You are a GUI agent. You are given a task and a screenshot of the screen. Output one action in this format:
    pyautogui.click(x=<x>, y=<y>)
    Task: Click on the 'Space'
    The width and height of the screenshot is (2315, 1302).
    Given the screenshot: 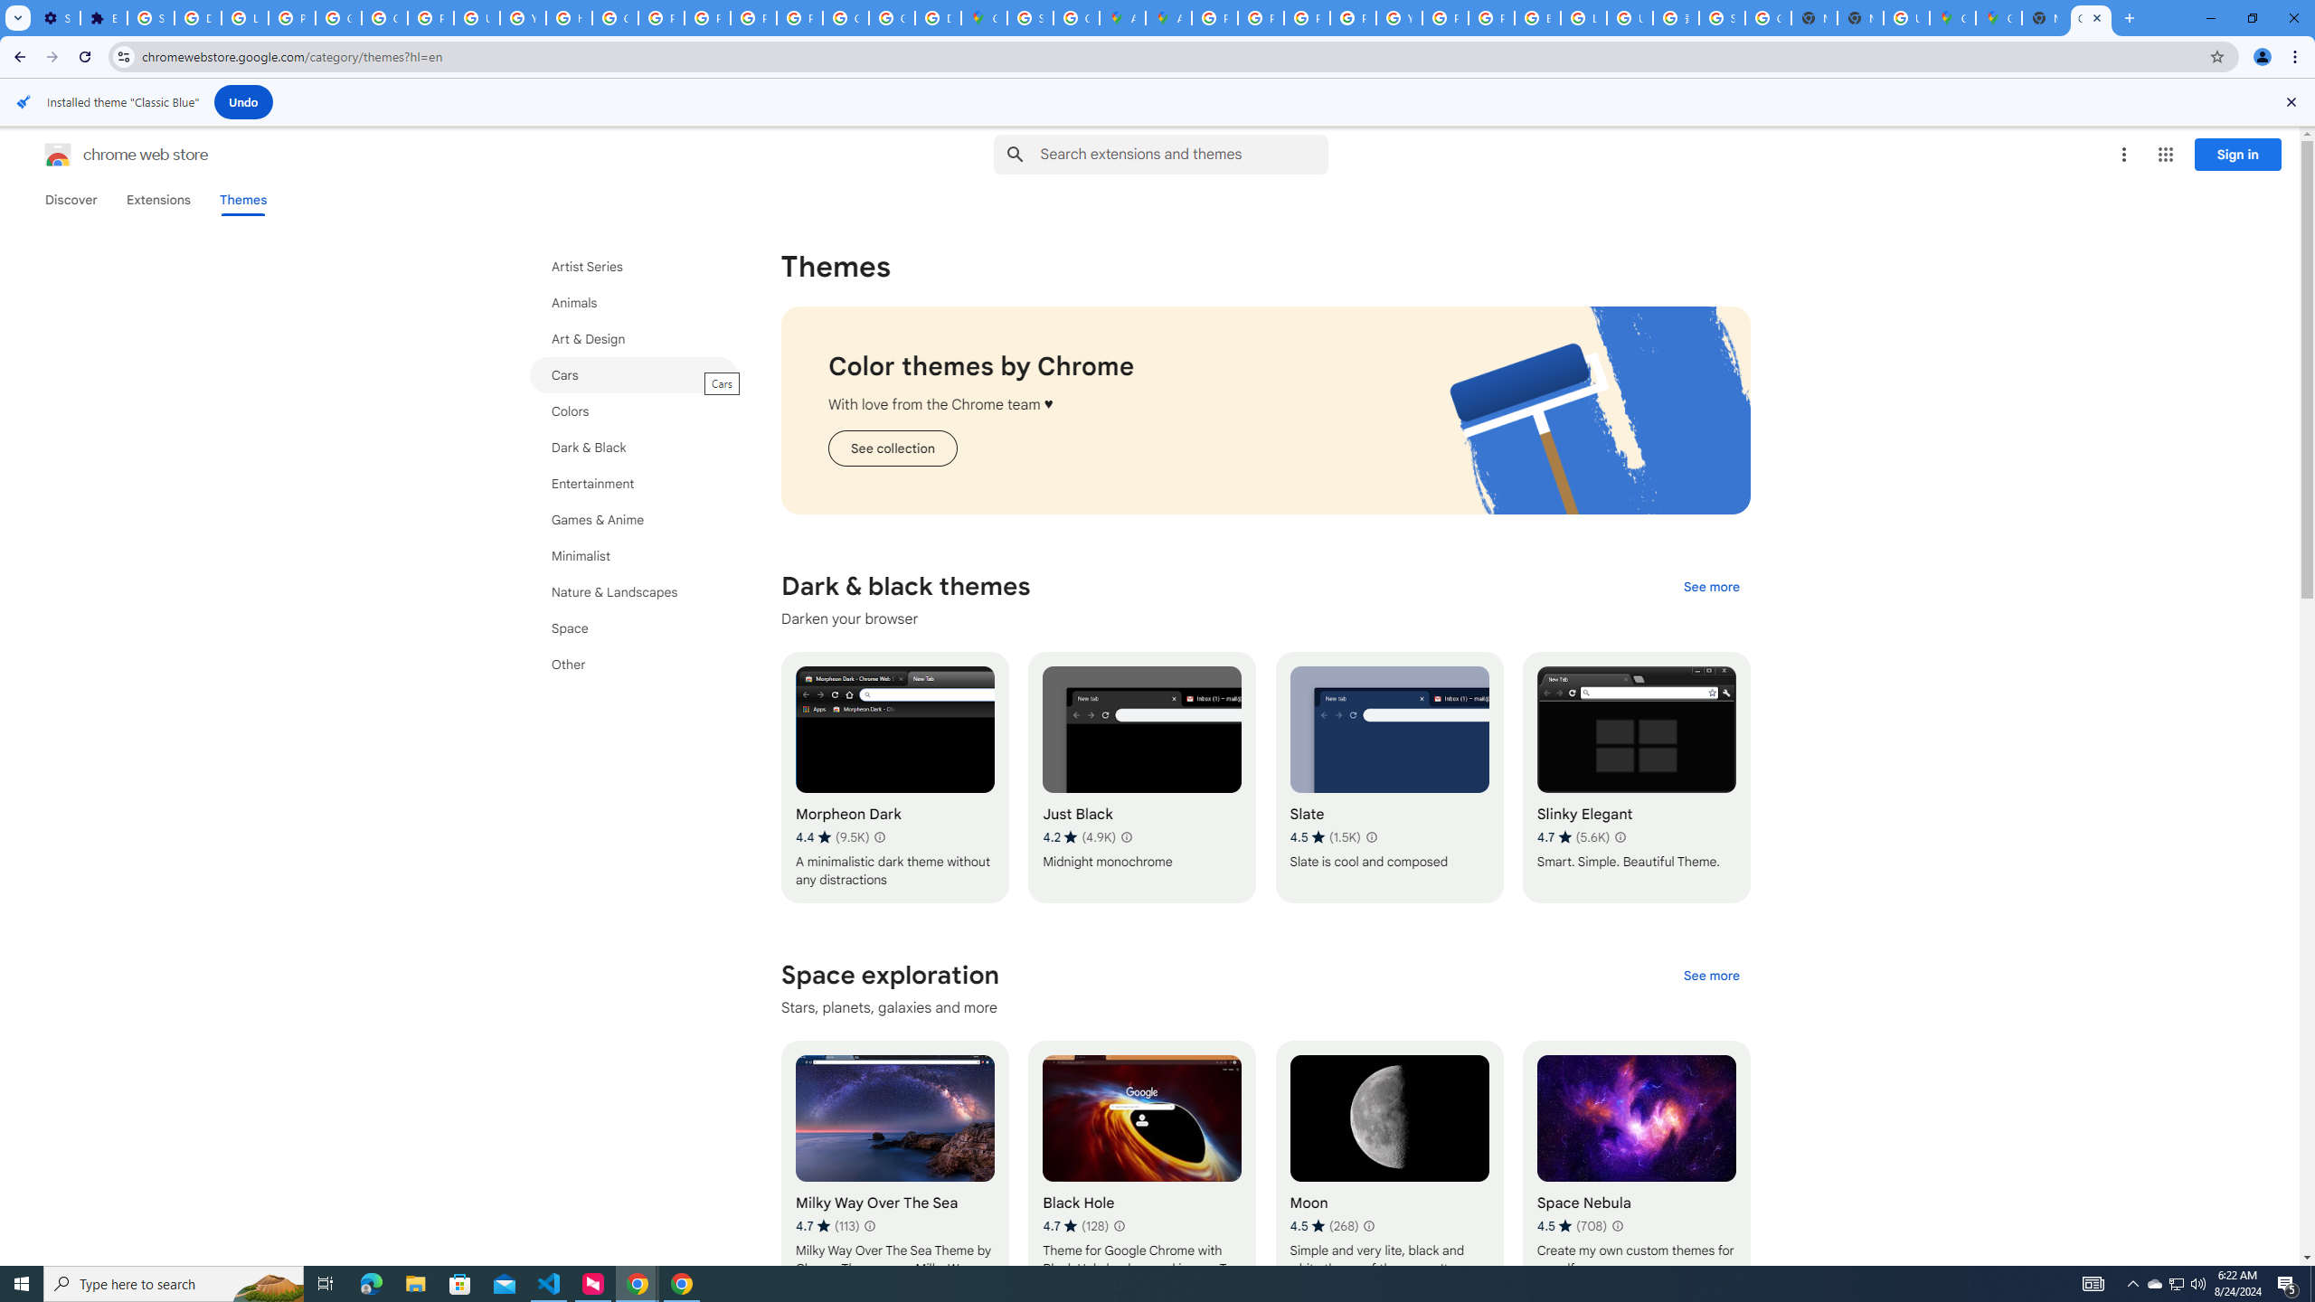 What is the action you would take?
    pyautogui.click(x=634, y=627)
    